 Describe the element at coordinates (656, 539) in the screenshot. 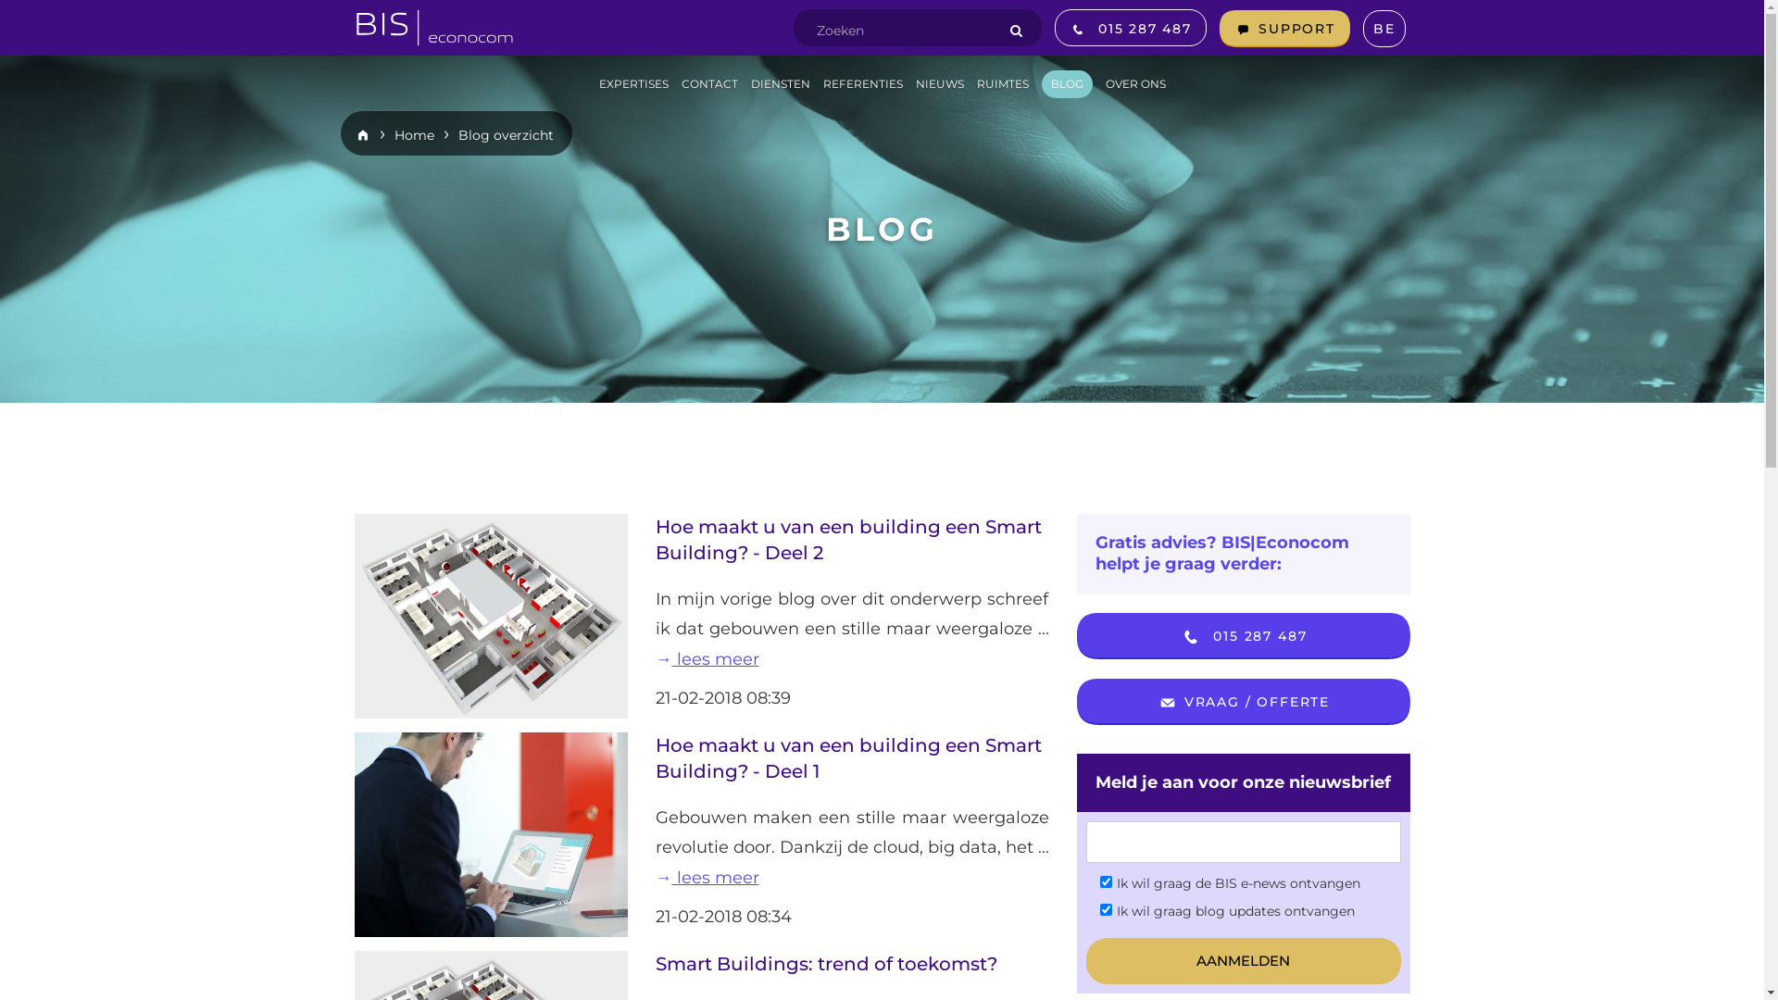

I see `'Hoe maakt u van een building een Smart Building? - Deel 2'` at that location.